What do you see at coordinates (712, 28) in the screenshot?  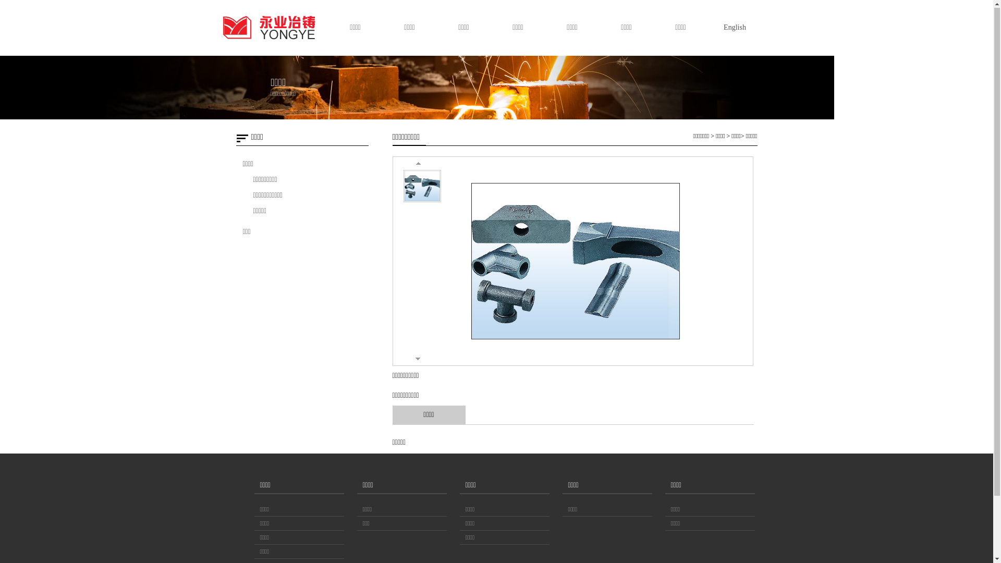 I see `'English'` at bounding box center [712, 28].